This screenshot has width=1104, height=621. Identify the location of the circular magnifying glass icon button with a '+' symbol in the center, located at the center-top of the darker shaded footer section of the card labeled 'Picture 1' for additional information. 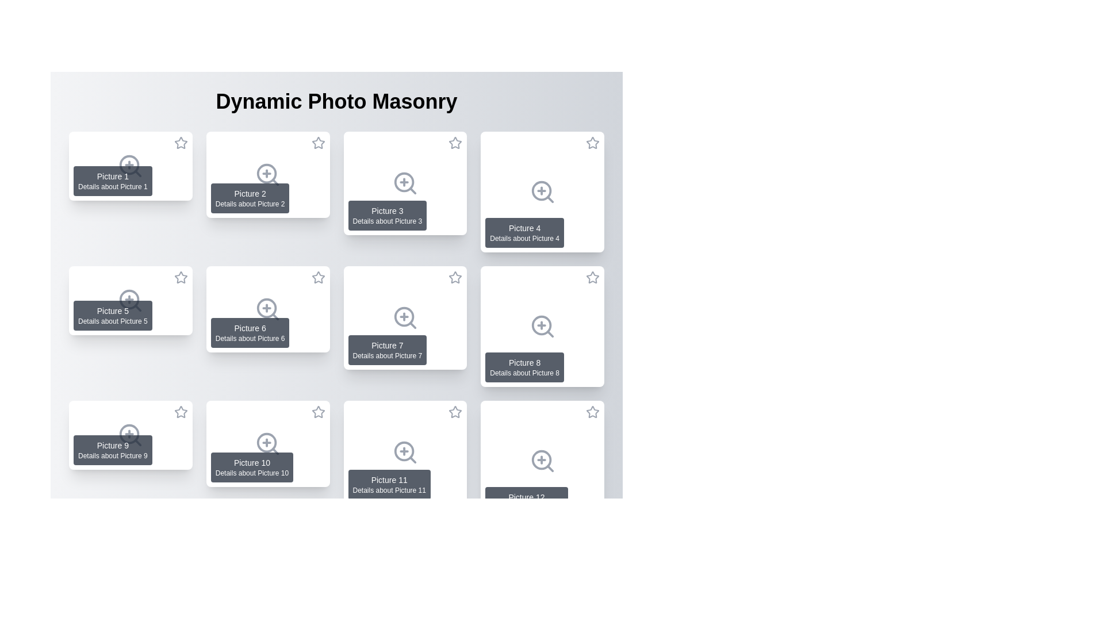
(131, 166).